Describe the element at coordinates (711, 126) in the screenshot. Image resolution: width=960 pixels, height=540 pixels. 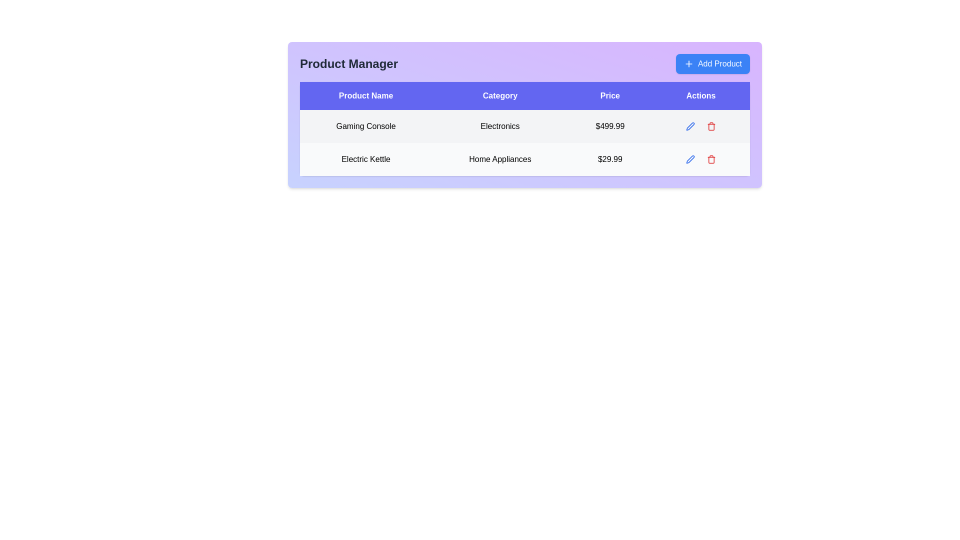
I see `the delete icon in the Actions column for the Gaming Console entry` at that location.